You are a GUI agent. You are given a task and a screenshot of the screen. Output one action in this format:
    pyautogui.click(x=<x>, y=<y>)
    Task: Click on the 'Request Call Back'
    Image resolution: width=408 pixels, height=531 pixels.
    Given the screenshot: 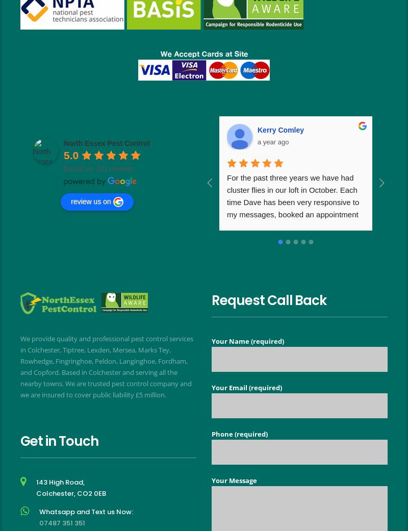 What is the action you would take?
    pyautogui.click(x=268, y=299)
    